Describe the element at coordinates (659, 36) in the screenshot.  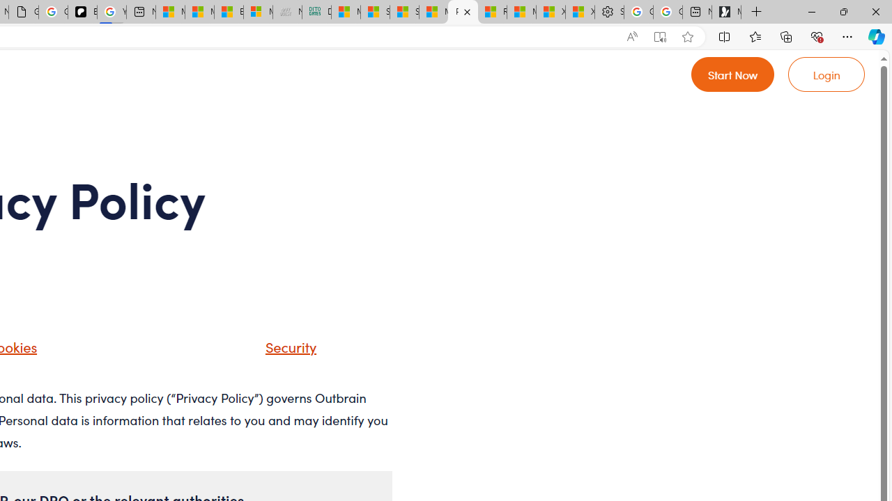
I see `'Enter Immersive Reader (F9)'` at that location.